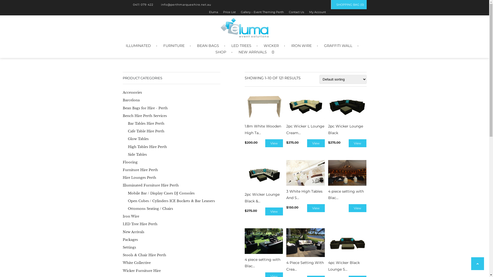 The height and width of the screenshot is (277, 493). I want to click on 'Bench Hire Perth Services', so click(145, 116).